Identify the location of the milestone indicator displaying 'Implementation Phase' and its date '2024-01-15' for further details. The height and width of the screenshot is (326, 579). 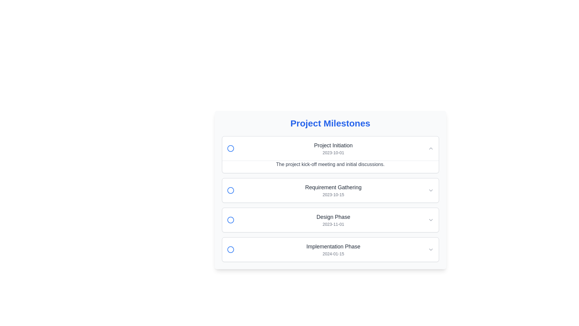
(333, 249).